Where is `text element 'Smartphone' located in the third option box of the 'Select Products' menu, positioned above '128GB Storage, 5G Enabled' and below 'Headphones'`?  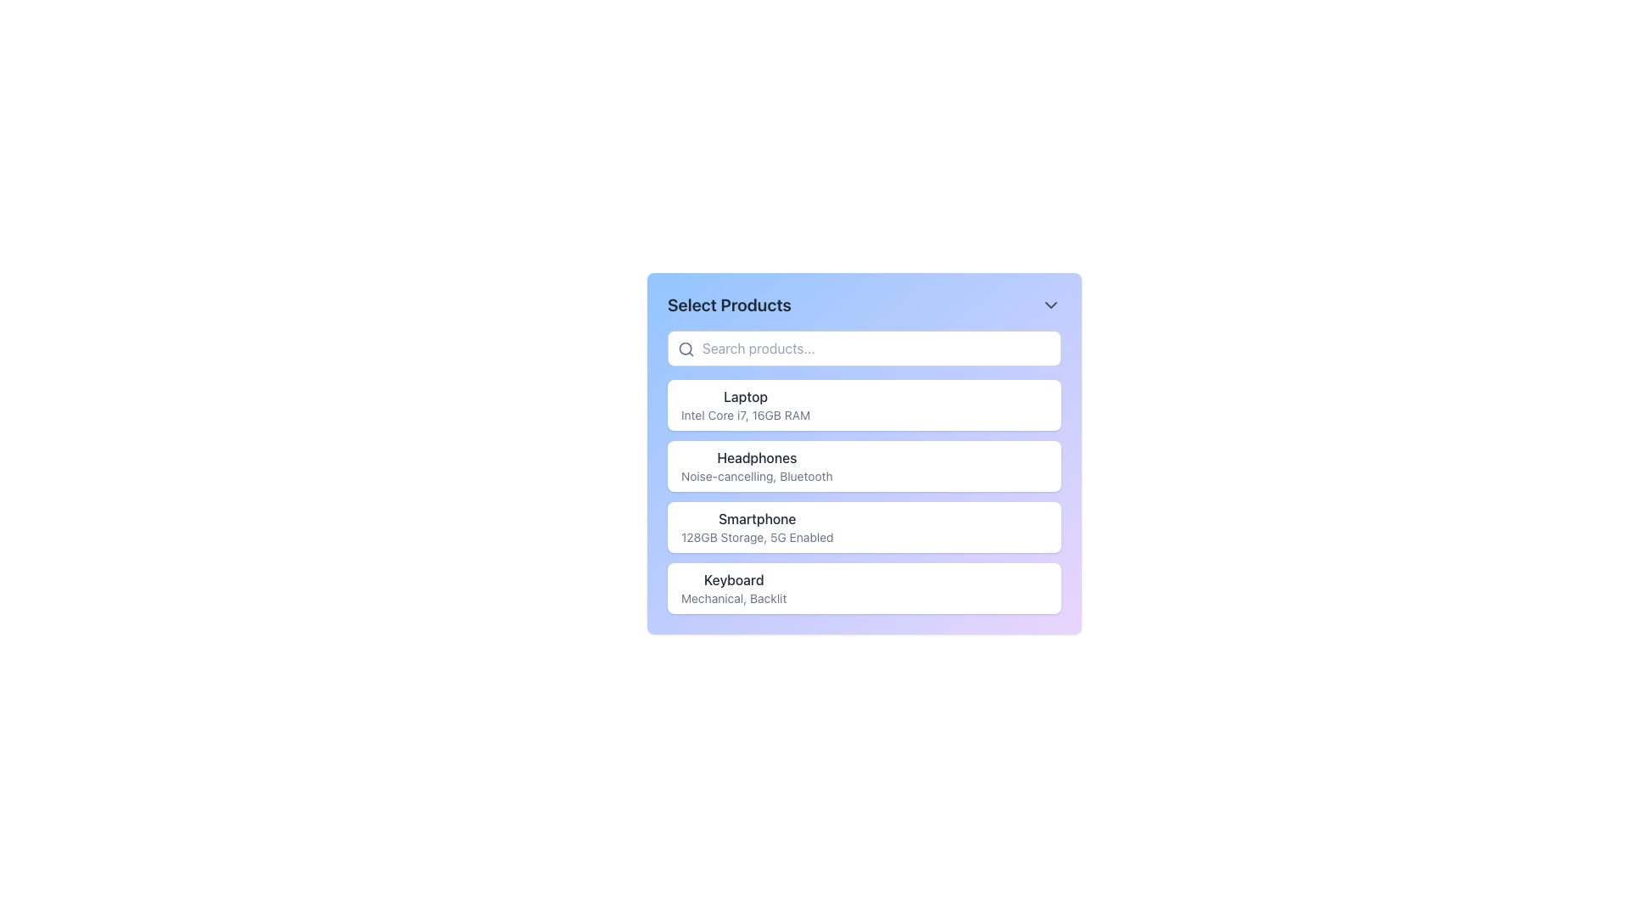
text element 'Smartphone' located in the third option box of the 'Select Products' menu, positioned above '128GB Storage, 5G Enabled' and below 'Headphones' is located at coordinates (756, 518).